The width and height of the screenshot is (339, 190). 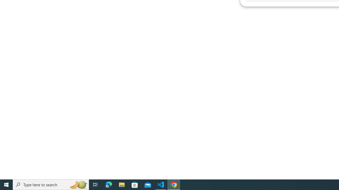 What do you see at coordinates (135, 184) in the screenshot?
I see `'Microsoft Store'` at bounding box center [135, 184].